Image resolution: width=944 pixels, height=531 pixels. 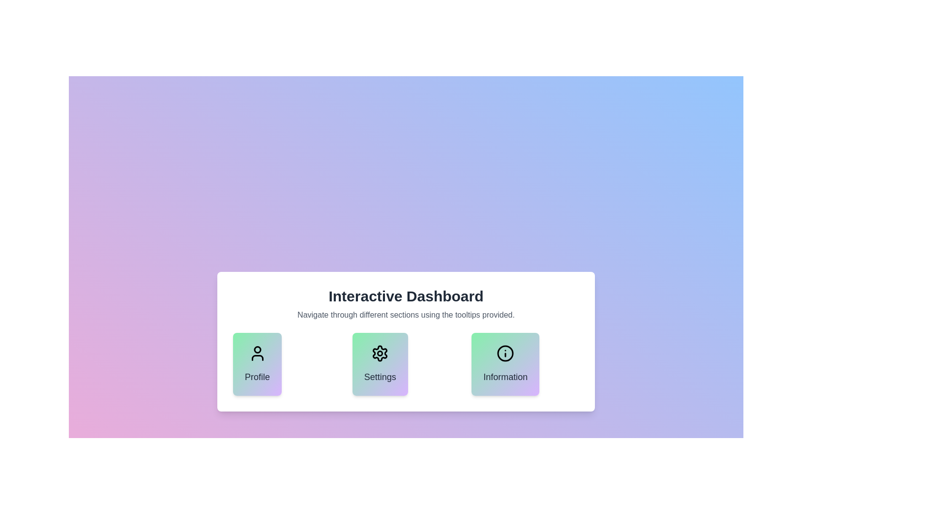 I want to click on the 'Settings' button, which is a rounded rectangle with a gradient background and a gear icon, so click(x=406, y=341).